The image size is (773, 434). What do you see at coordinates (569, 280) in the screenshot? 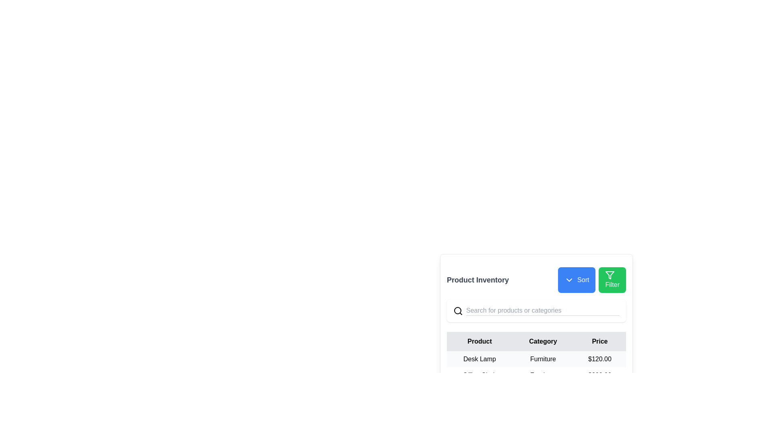
I see `the downward chevron icon within the blue 'Sort' button to interact with the dropdown menu` at bounding box center [569, 280].